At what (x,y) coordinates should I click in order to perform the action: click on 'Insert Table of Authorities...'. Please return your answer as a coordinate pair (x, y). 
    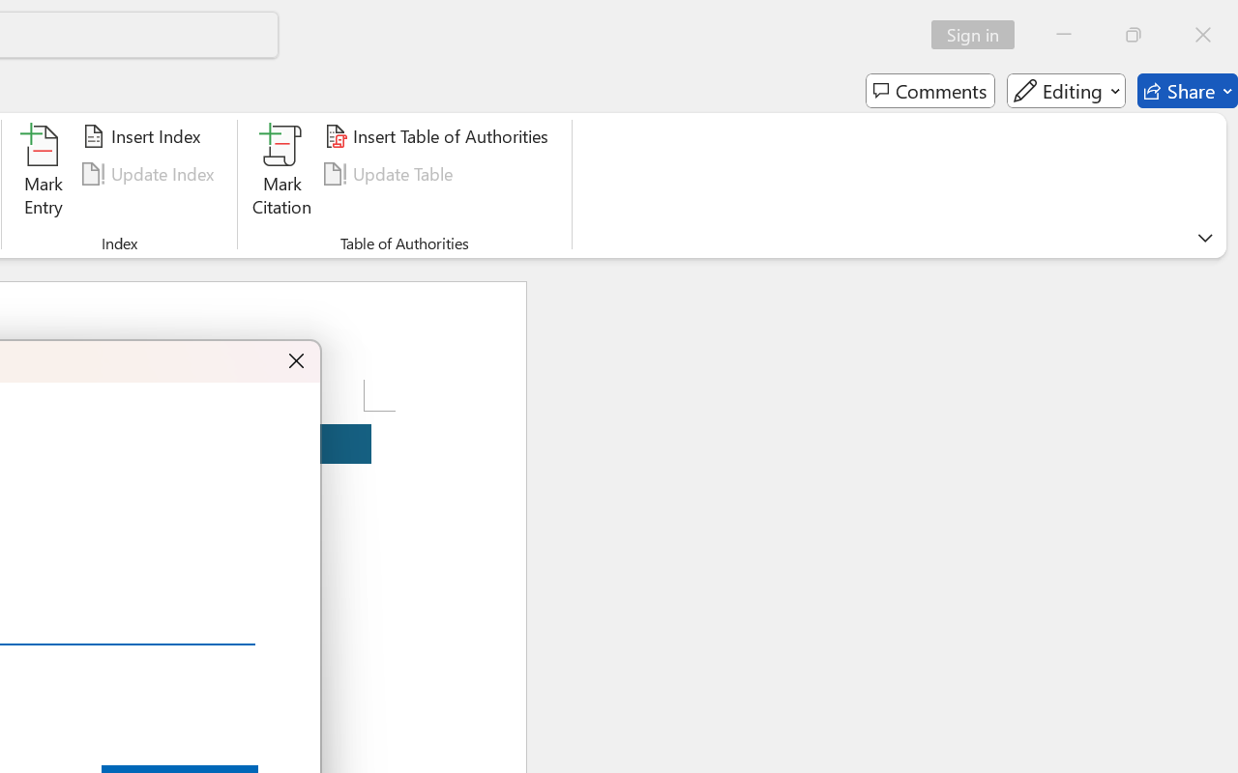
    Looking at the image, I should click on (438, 136).